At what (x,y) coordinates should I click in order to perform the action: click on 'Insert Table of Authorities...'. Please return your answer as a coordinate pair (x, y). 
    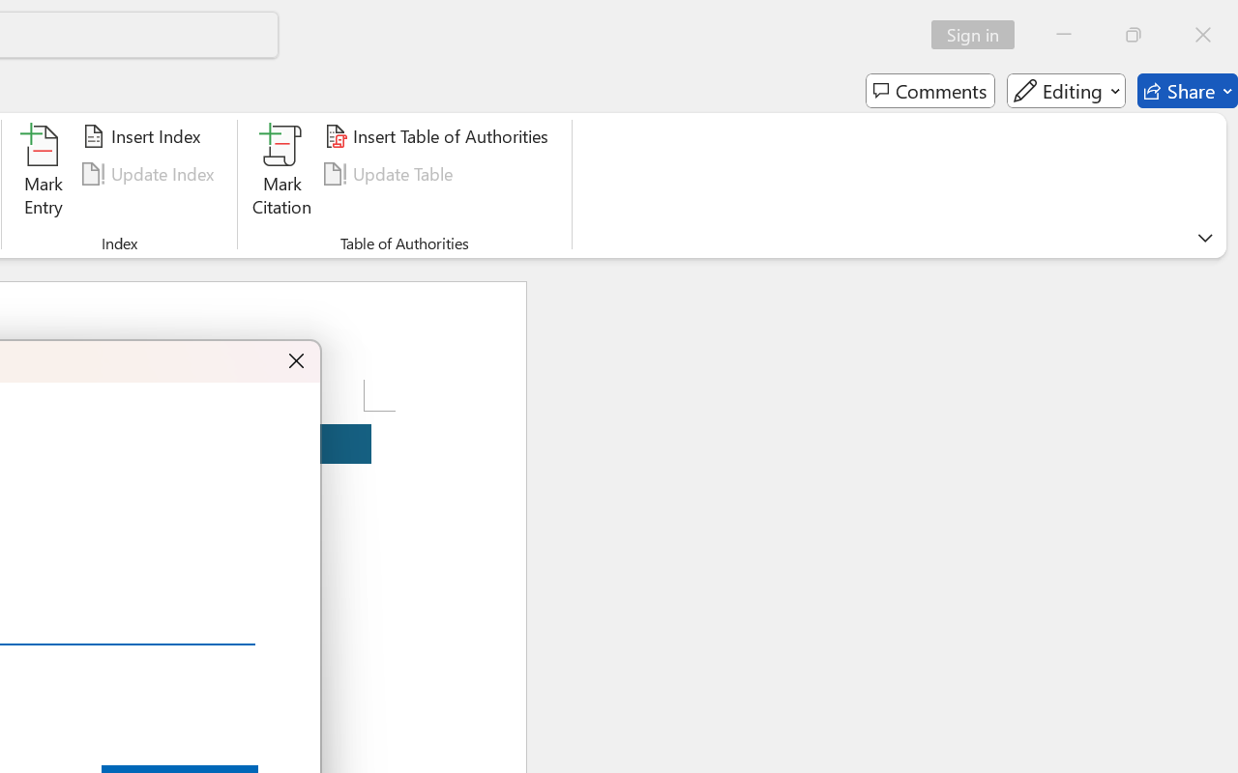
    Looking at the image, I should click on (438, 136).